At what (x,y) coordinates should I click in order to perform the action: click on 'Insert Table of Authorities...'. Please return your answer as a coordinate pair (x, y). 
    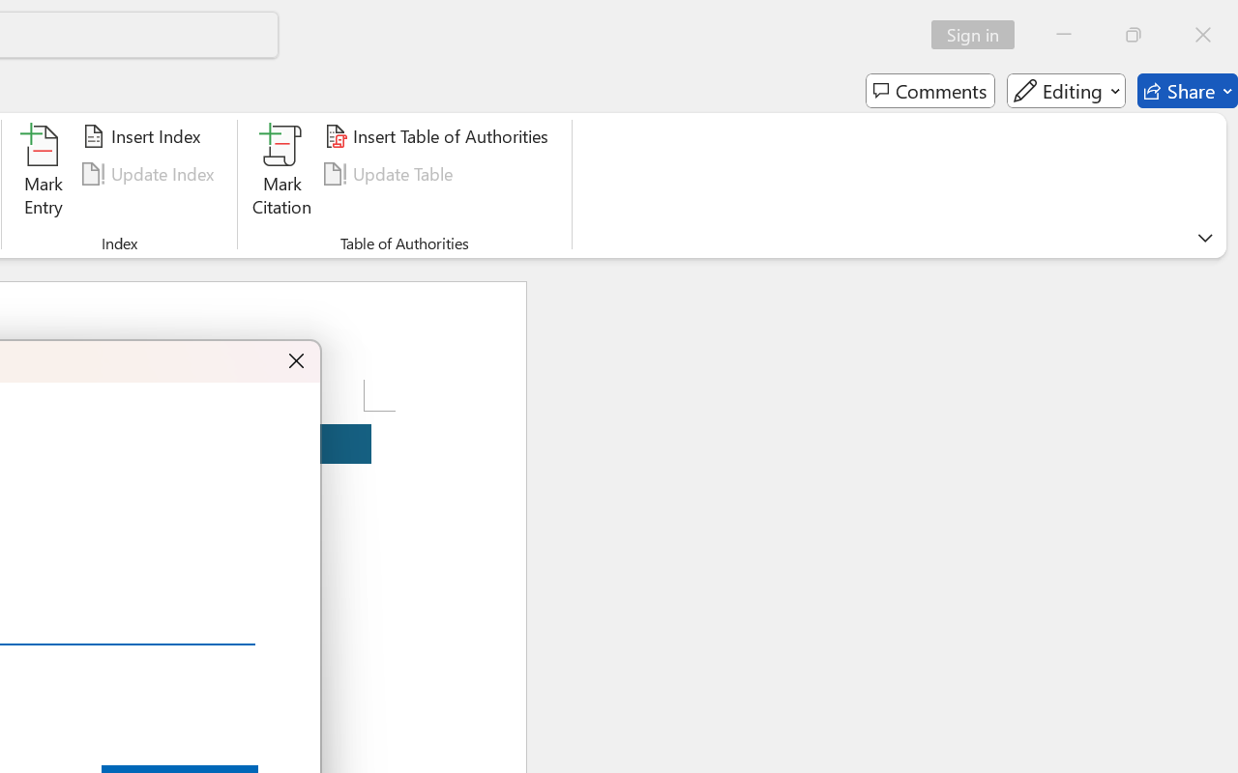
    Looking at the image, I should click on (438, 136).